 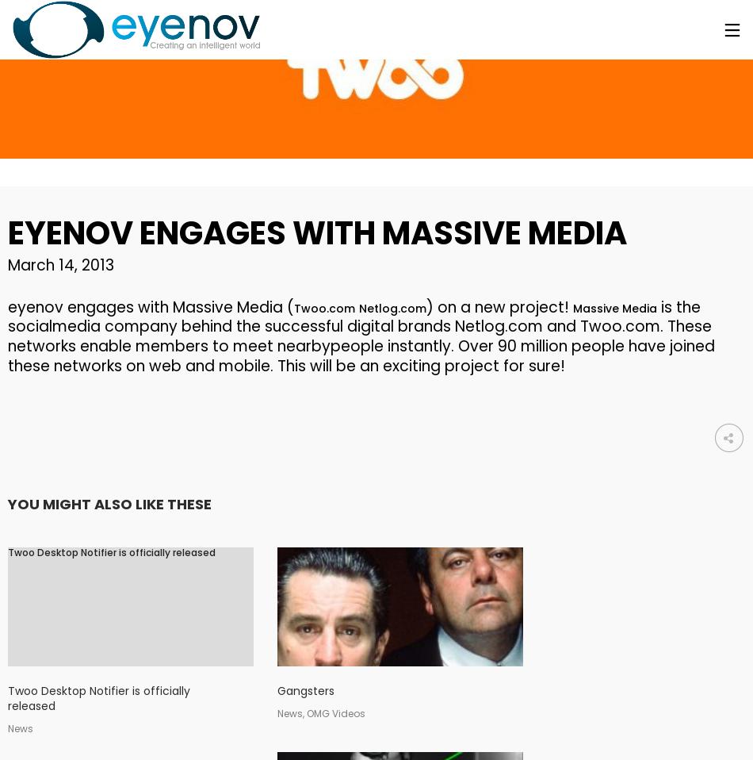 I want to click on 'Gangsters', so click(x=304, y=690).